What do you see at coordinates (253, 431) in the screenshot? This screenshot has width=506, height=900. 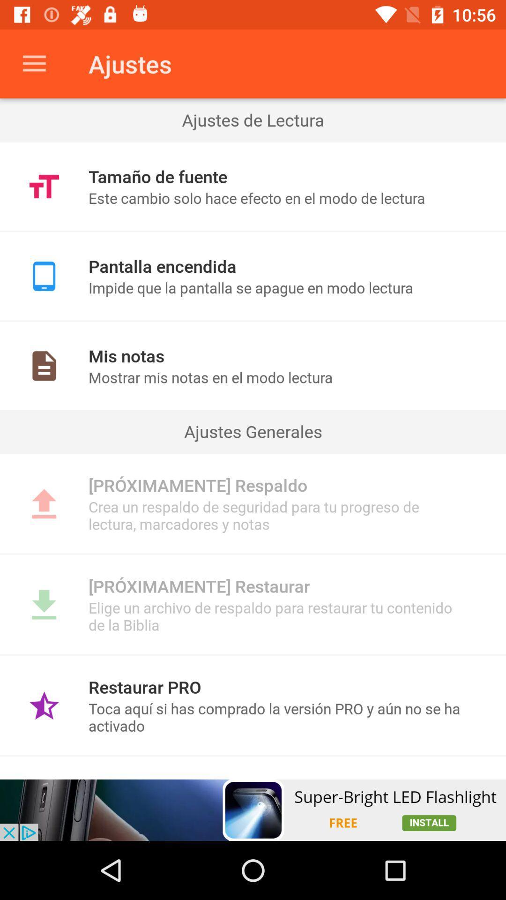 I see `the icon below mostrar mis notas` at bounding box center [253, 431].